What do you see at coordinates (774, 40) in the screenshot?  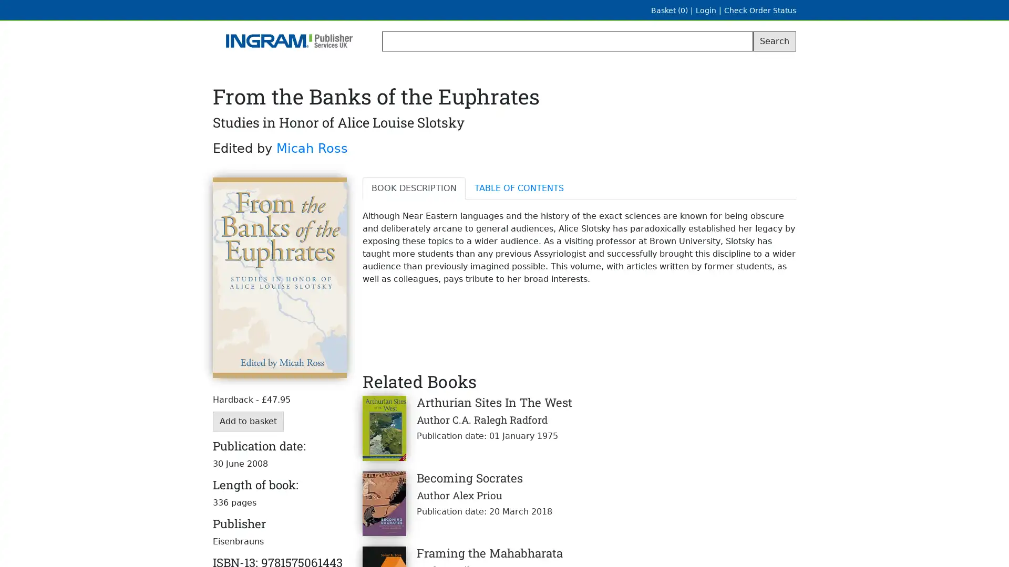 I see `Search` at bounding box center [774, 40].